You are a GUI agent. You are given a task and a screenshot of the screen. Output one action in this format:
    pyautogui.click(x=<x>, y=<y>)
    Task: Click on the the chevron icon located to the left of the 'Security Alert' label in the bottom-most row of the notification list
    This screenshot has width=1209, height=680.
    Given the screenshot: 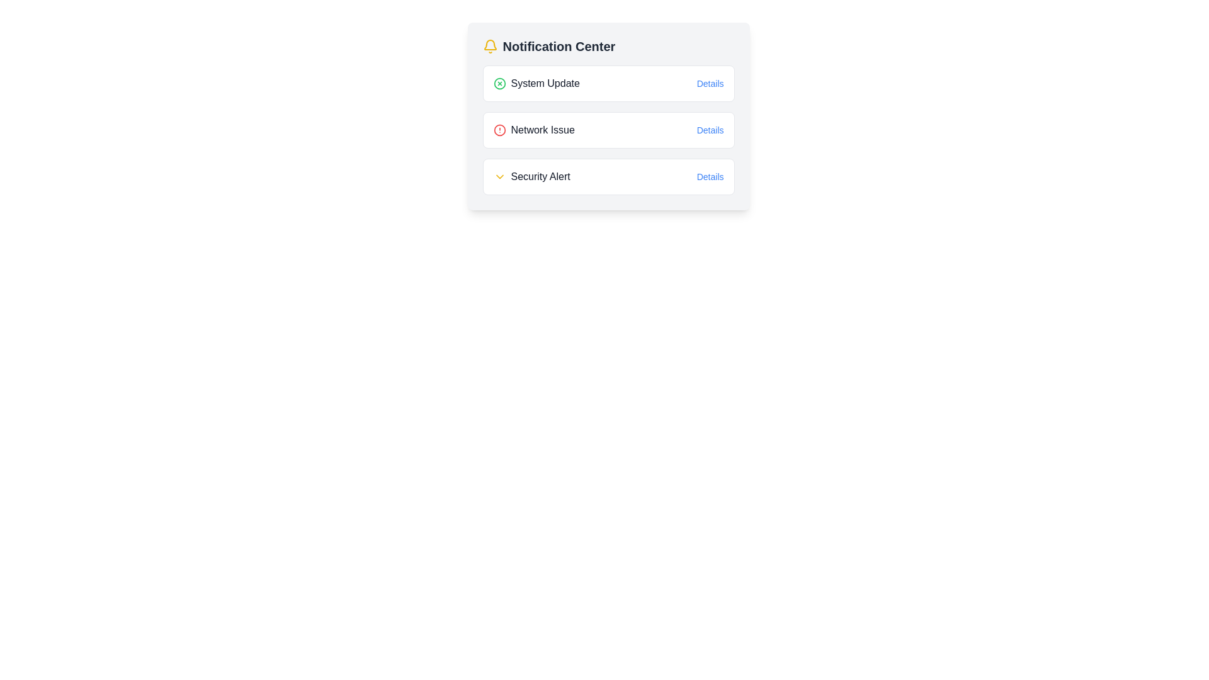 What is the action you would take?
    pyautogui.click(x=499, y=177)
    